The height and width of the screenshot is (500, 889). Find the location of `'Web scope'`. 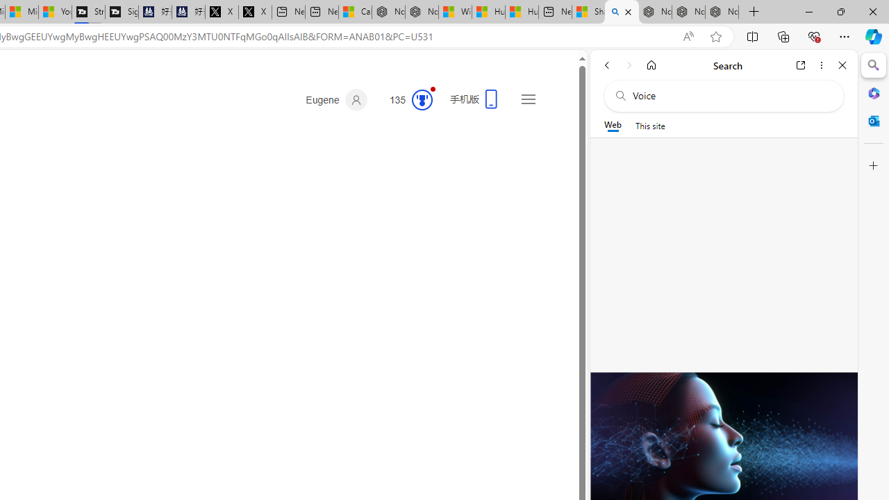

'Web scope' is located at coordinates (612, 125).